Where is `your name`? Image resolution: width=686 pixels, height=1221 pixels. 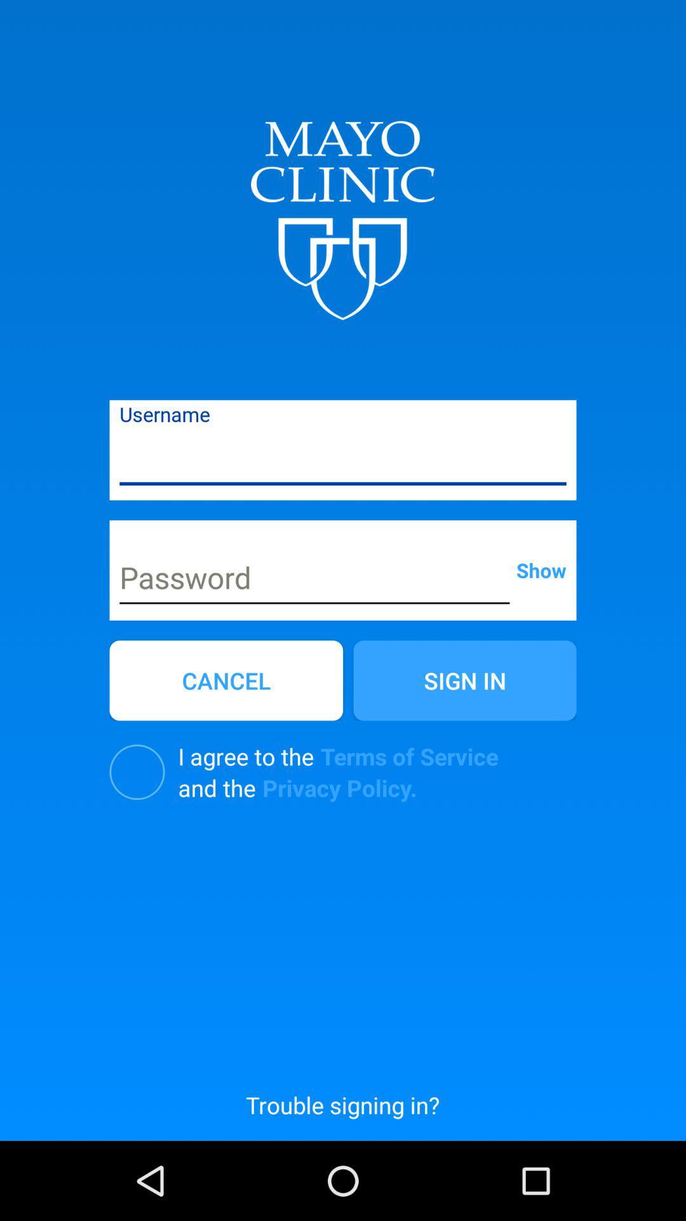 your name is located at coordinates (343, 459).